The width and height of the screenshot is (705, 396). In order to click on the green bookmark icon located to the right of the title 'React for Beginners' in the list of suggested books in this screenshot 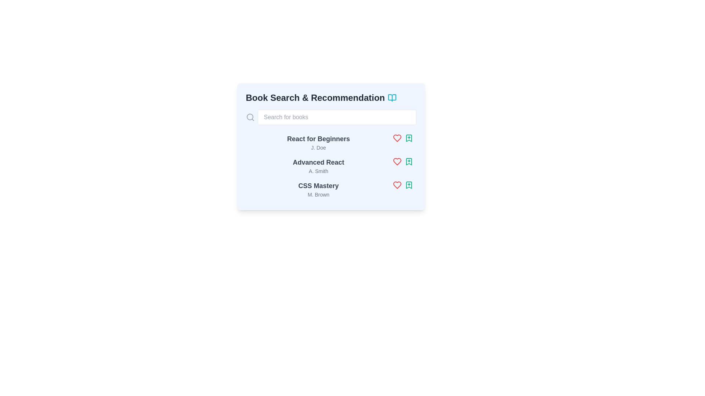, I will do `click(408, 138)`.